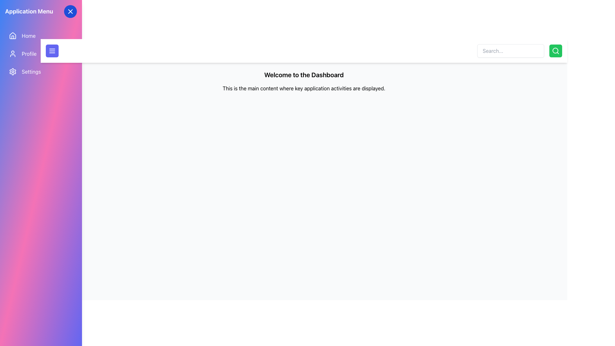 The image size is (615, 346). I want to click on the 'Profile' navigation menu item, which is the second item in a vertical menu located on the left side of the interface, so click(41, 54).